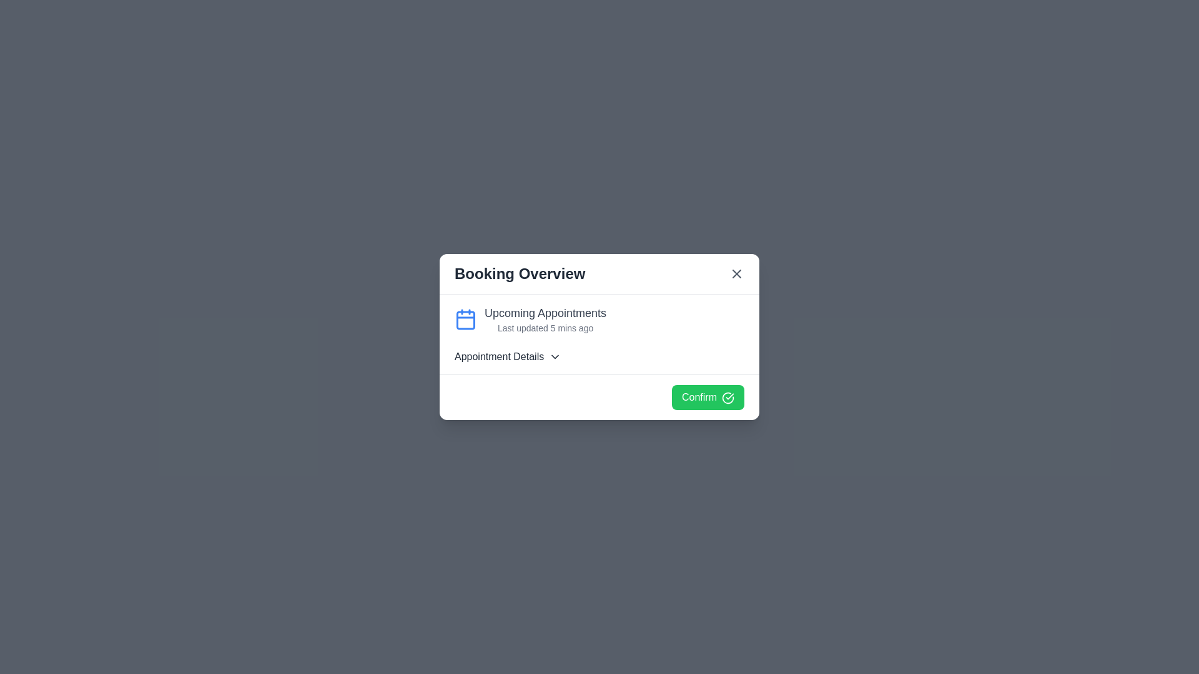  Describe the element at coordinates (545, 319) in the screenshot. I see `the header and timestamp display for the 'Upcoming Appointments' section in the 'Booking Overview' modal` at that location.